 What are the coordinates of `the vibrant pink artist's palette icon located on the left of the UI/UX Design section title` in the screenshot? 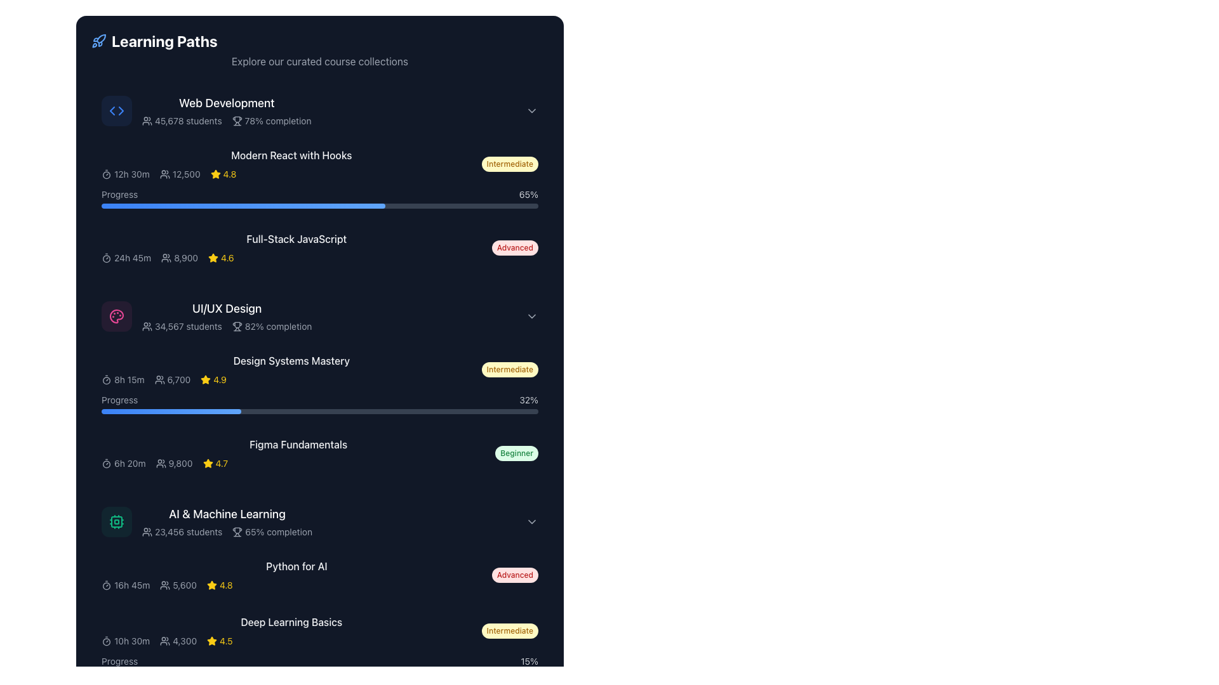 It's located at (116, 315).